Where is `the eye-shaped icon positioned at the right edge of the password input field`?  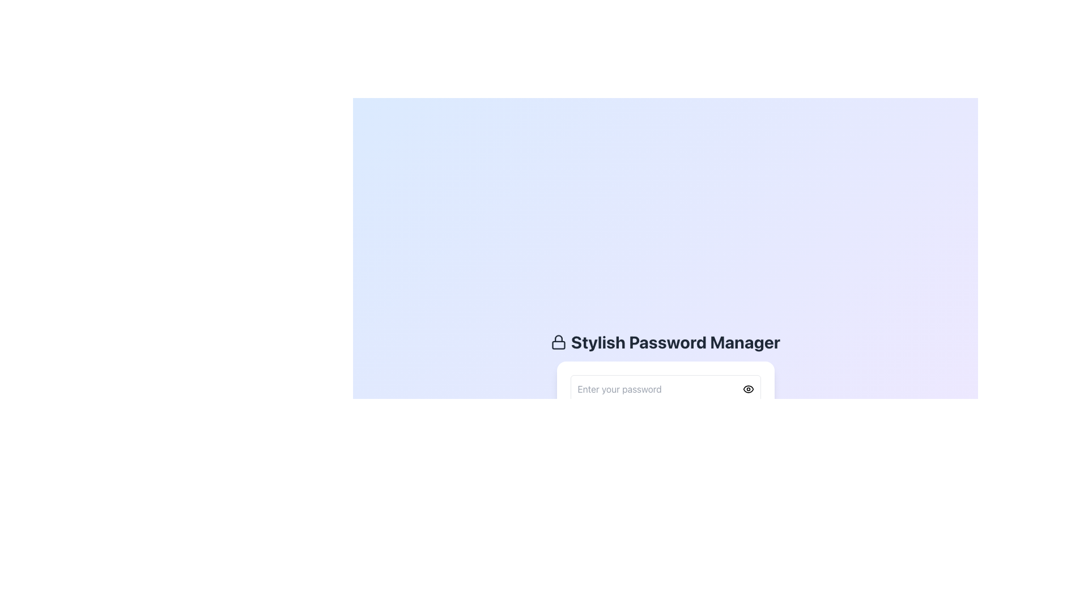
the eye-shaped icon positioned at the right edge of the password input field is located at coordinates (748, 388).